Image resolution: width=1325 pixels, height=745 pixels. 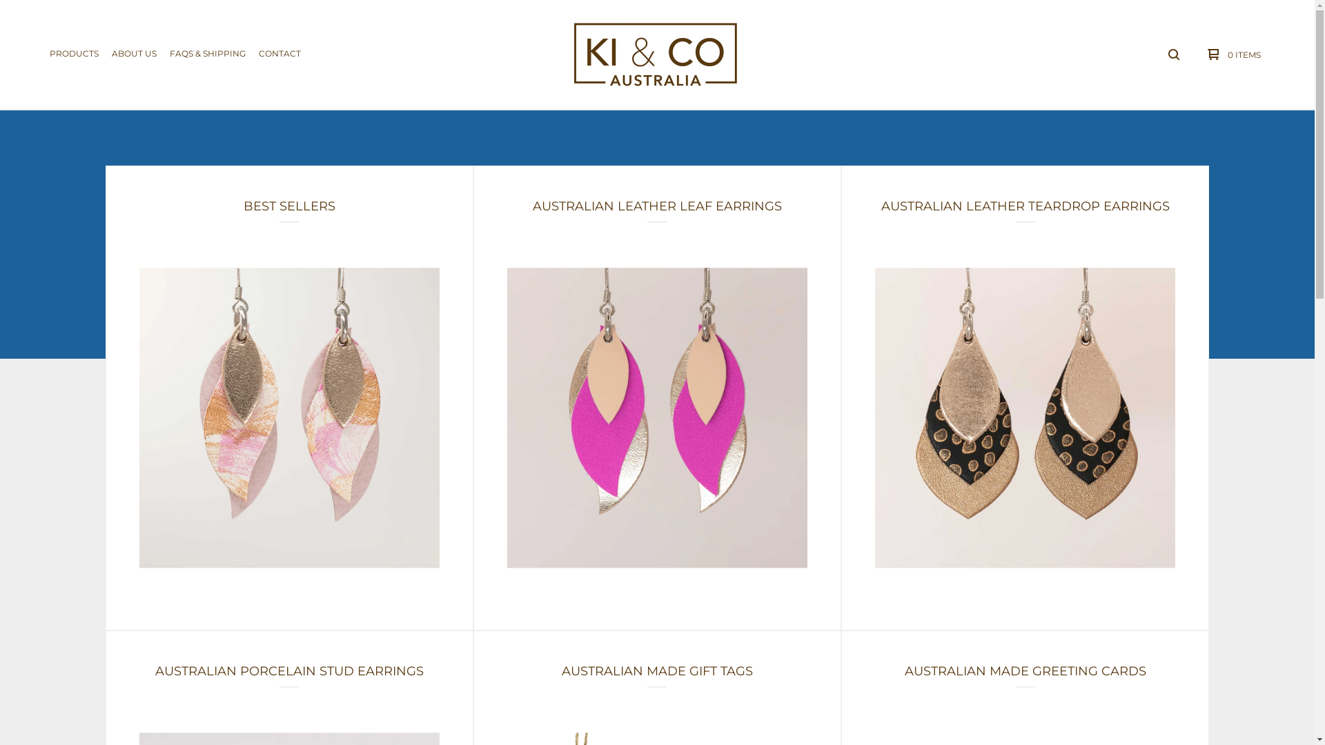 I want to click on 'CONTACT', so click(x=279, y=53).